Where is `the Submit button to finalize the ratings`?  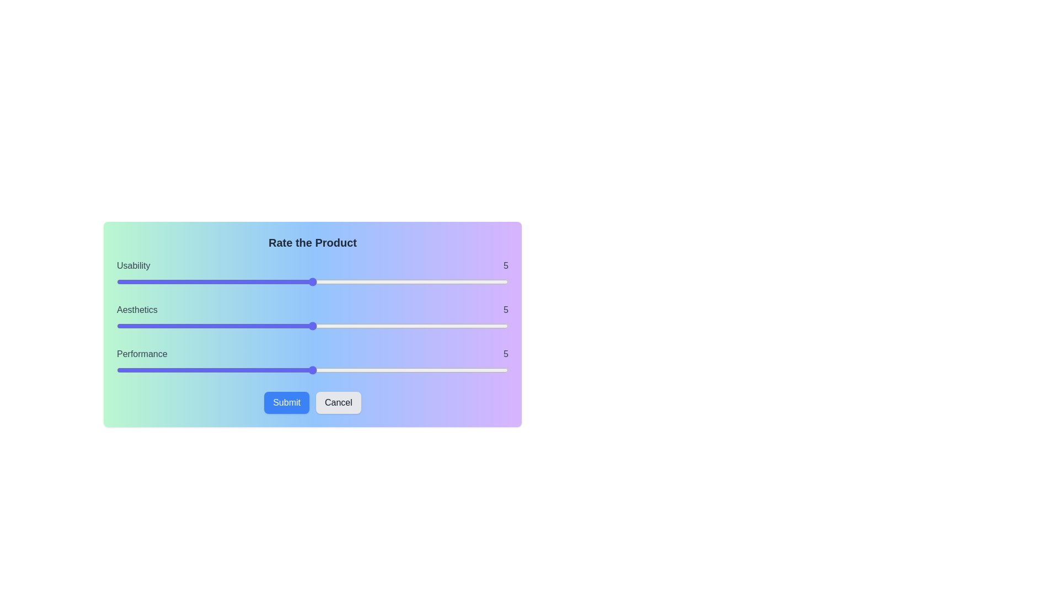 the Submit button to finalize the ratings is located at coordinates (287, 402).